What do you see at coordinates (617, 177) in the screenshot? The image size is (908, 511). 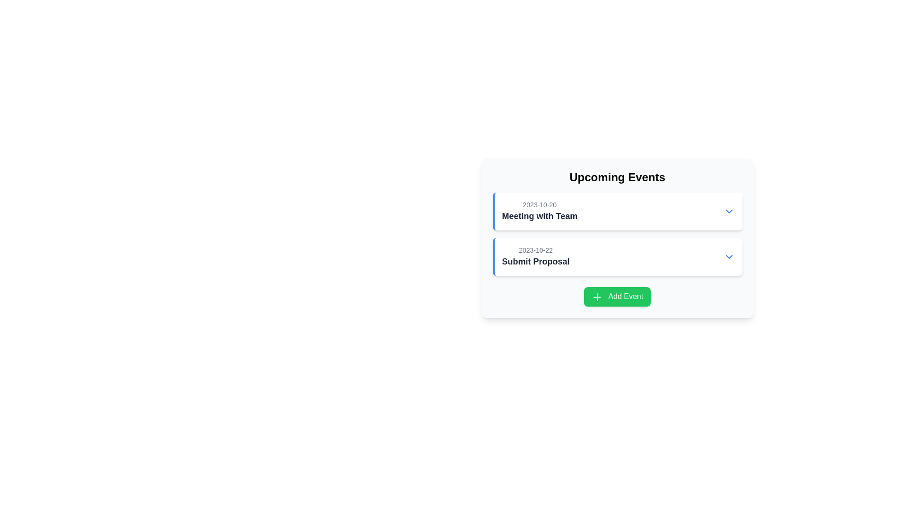 I see `the non-interactive text label or heading at the top of the rounded card-like interface that denotes the content of upcoming events` at bounding box center [617, 177].